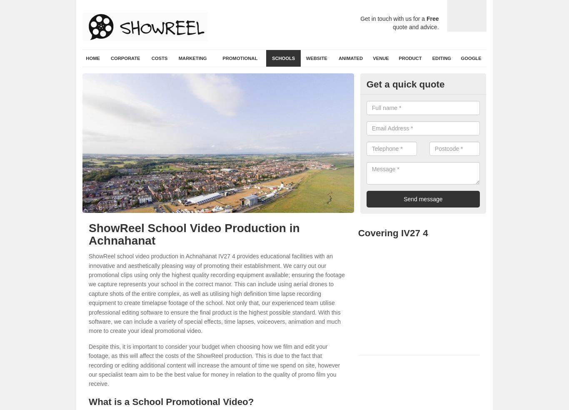  What do you see at coordinates (92, 58) in the screenshot?
I see `'Home'` at bounding box center [92, 58].